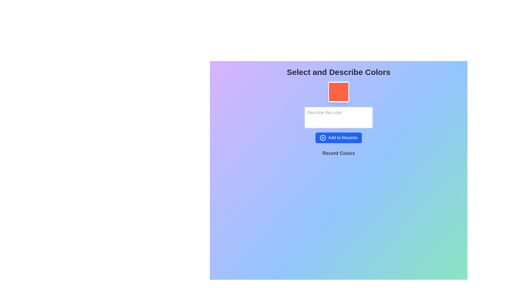 Image resolution: width=512 pixels, height=288 pixels. Describe the element at coordinates (338, 91) in the screenshot. I see `the Color Display/Picker, which is a prominent red square located centrally under the heading 'Select and Describe Colors' and above the text input box labeled 'Describe this color.'` at that location.